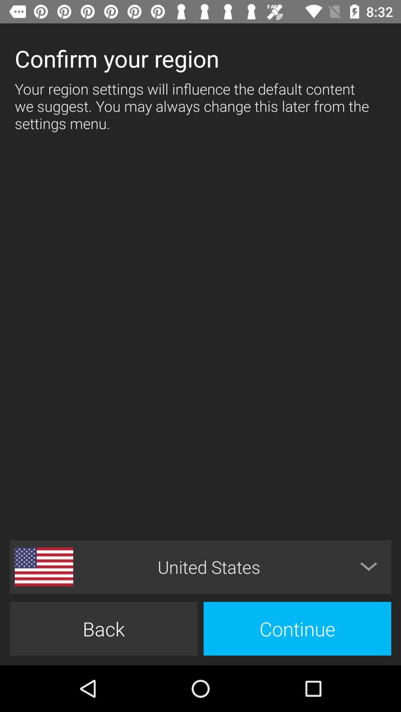 The width and height of the screenshot is (401, 712). I want to click on icon below united states icon, so click(297, 628).